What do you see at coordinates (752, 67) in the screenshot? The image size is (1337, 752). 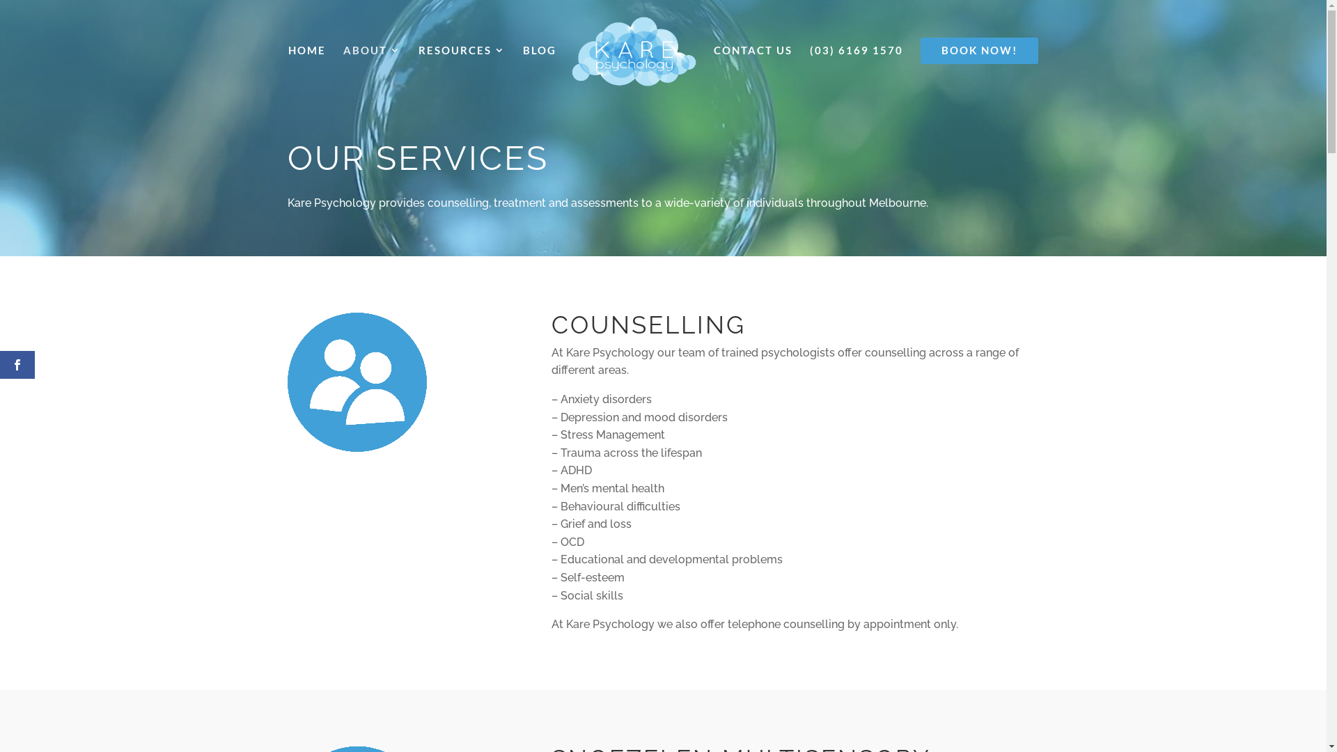 I see `'CONTACT US'` at bounding box center [752, 67].